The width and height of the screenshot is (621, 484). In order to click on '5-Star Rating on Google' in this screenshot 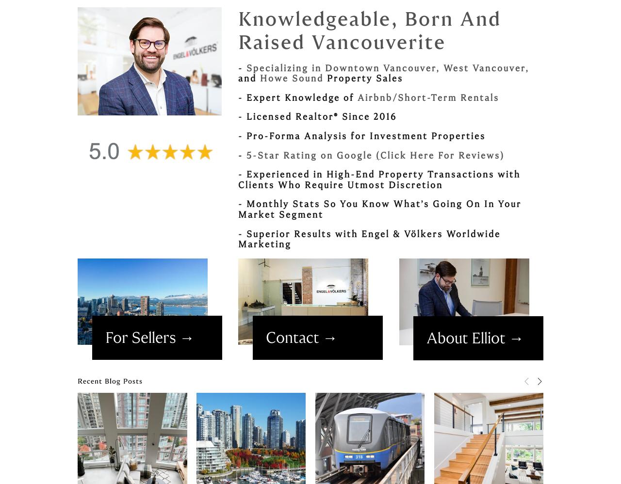, I will do `click(311, 155)`.